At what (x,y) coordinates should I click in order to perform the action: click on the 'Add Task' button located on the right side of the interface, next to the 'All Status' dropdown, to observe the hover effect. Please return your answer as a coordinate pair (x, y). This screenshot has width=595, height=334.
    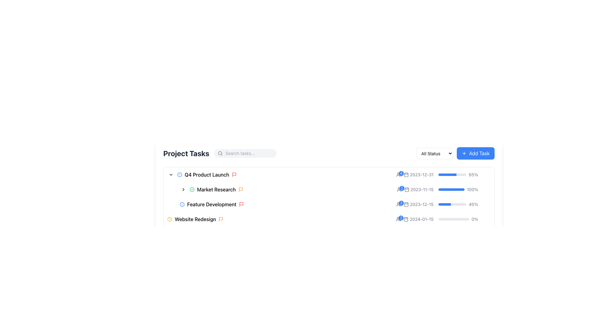
    Looking at the image, I should click on (475, 153).